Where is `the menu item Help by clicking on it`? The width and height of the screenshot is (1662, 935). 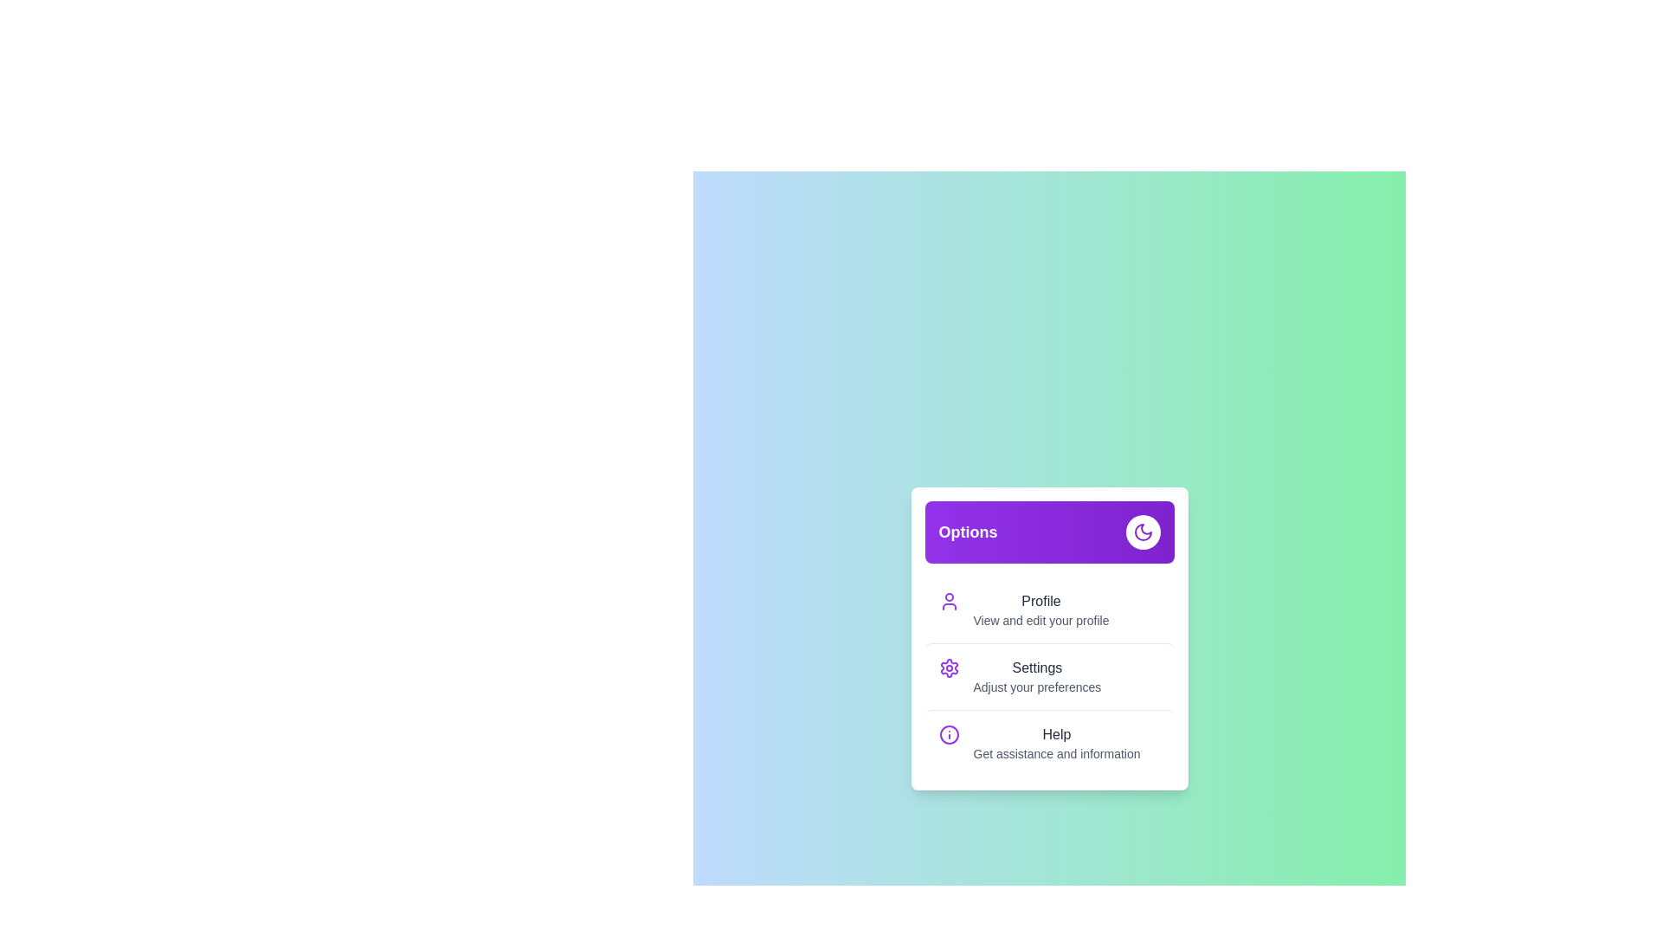 the menu item Help by clicking on it is located at coordinates (1048, 742).